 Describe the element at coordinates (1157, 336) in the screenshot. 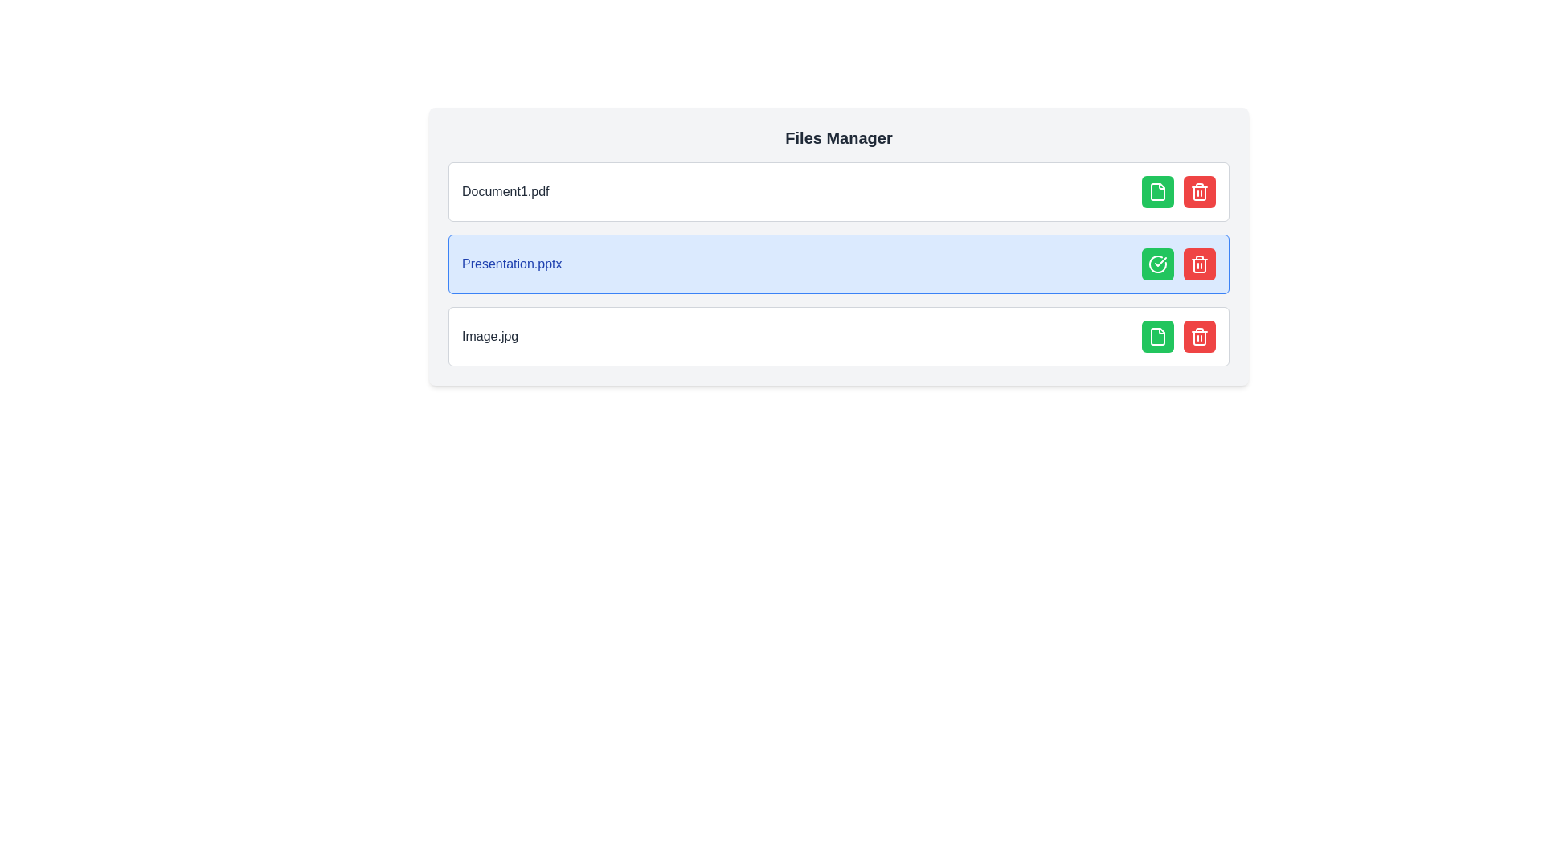

I see `the first button in the right cluster associated with the file 'Presentation.pptx'` at that location.